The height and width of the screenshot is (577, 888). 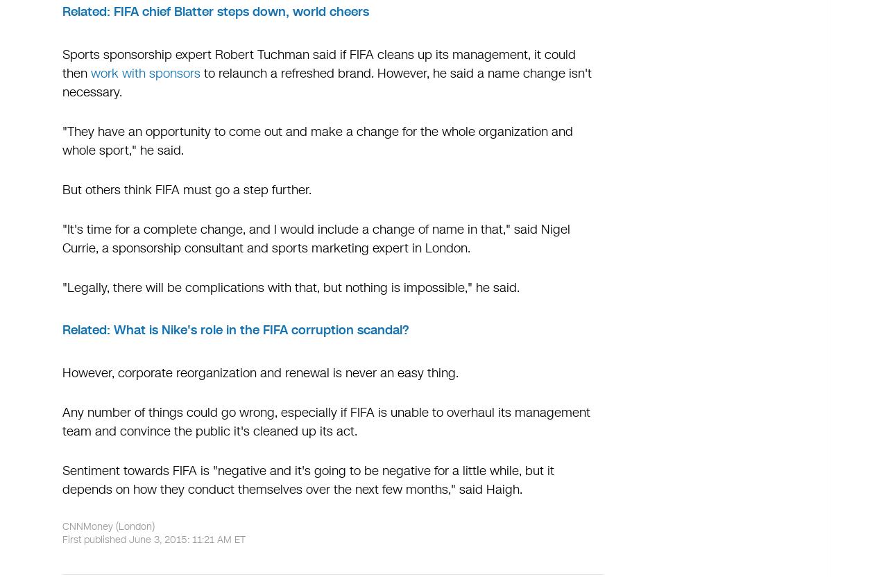 I want to click on 'to relaunch a refreshed brand. However, he said a name change isn't necessary.', so click(x=326, y=83).